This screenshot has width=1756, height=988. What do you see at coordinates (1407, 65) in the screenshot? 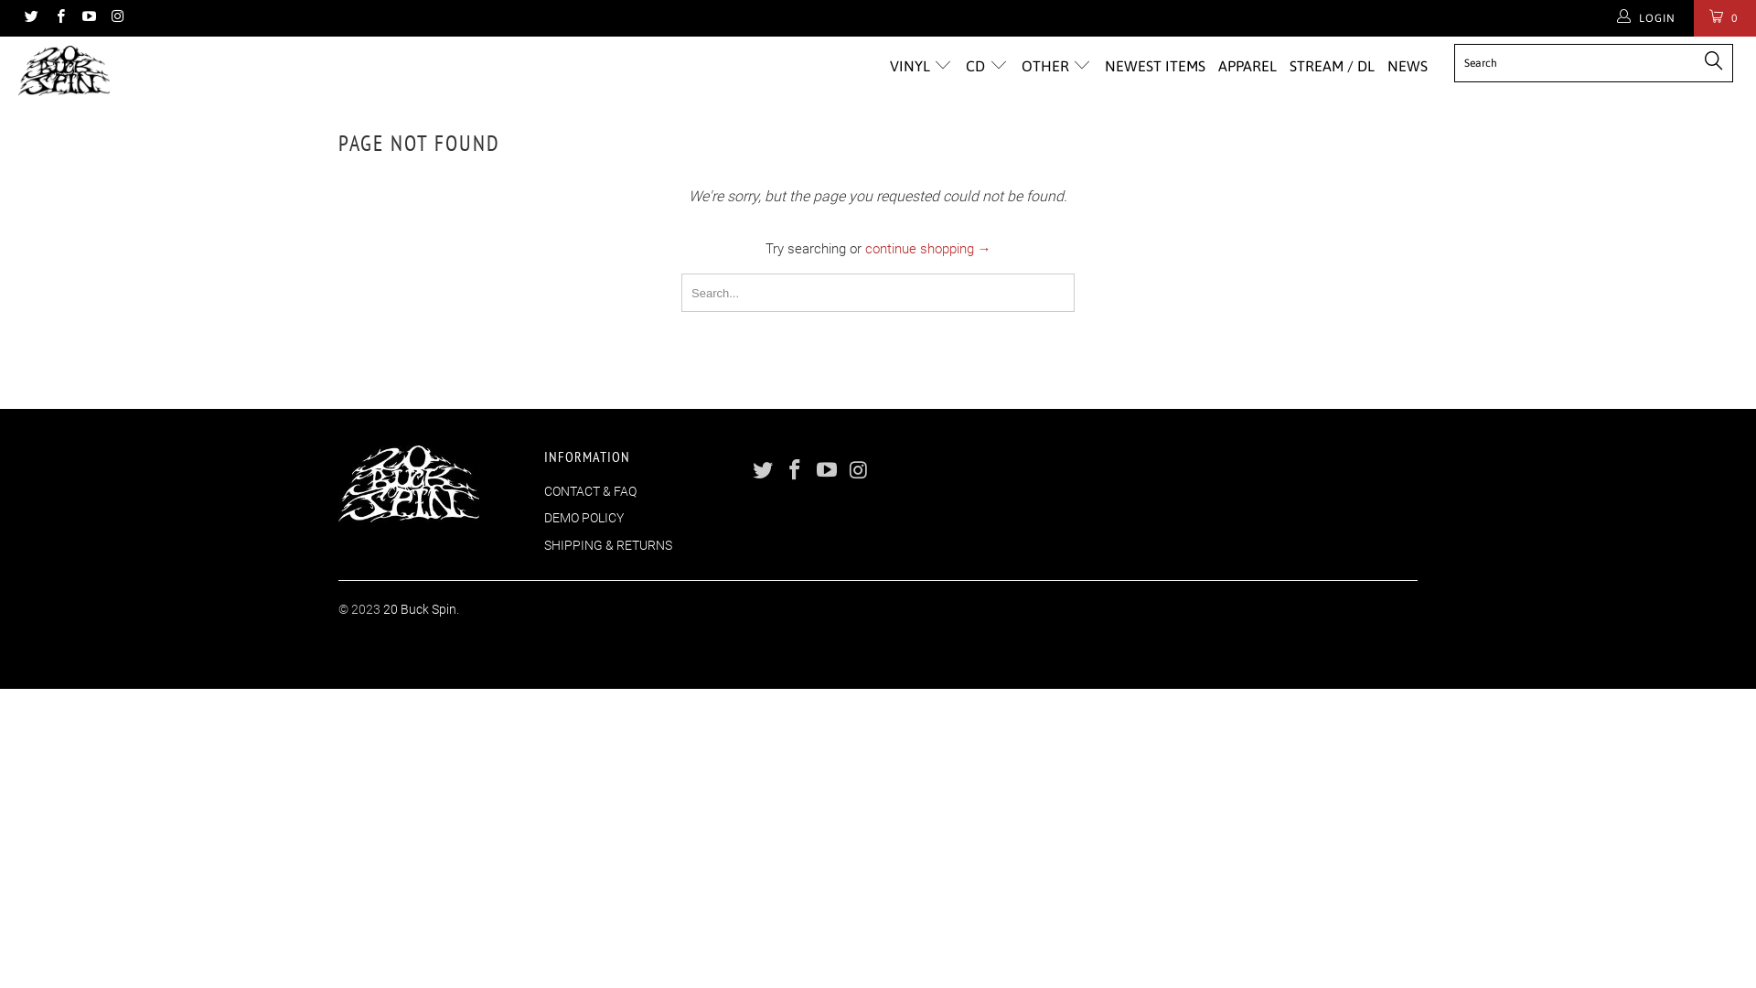
I see `'NEWS'` at bounding box center [1407, 65].